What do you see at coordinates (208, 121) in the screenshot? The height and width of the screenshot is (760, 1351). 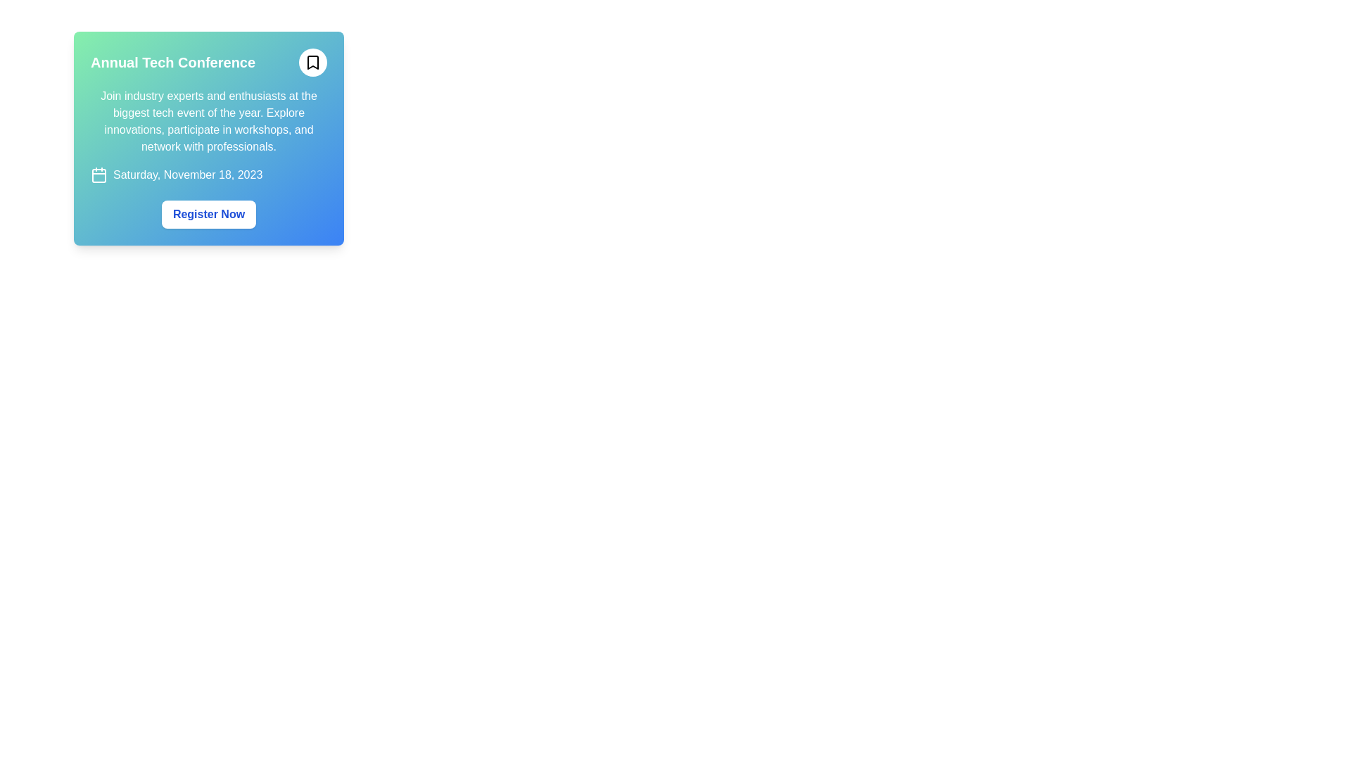 I see `the text block that provides detailed information about the Annual Tech Conference, which is centered in a blue-to-green gradient panel` at bounding box center [208, 121].